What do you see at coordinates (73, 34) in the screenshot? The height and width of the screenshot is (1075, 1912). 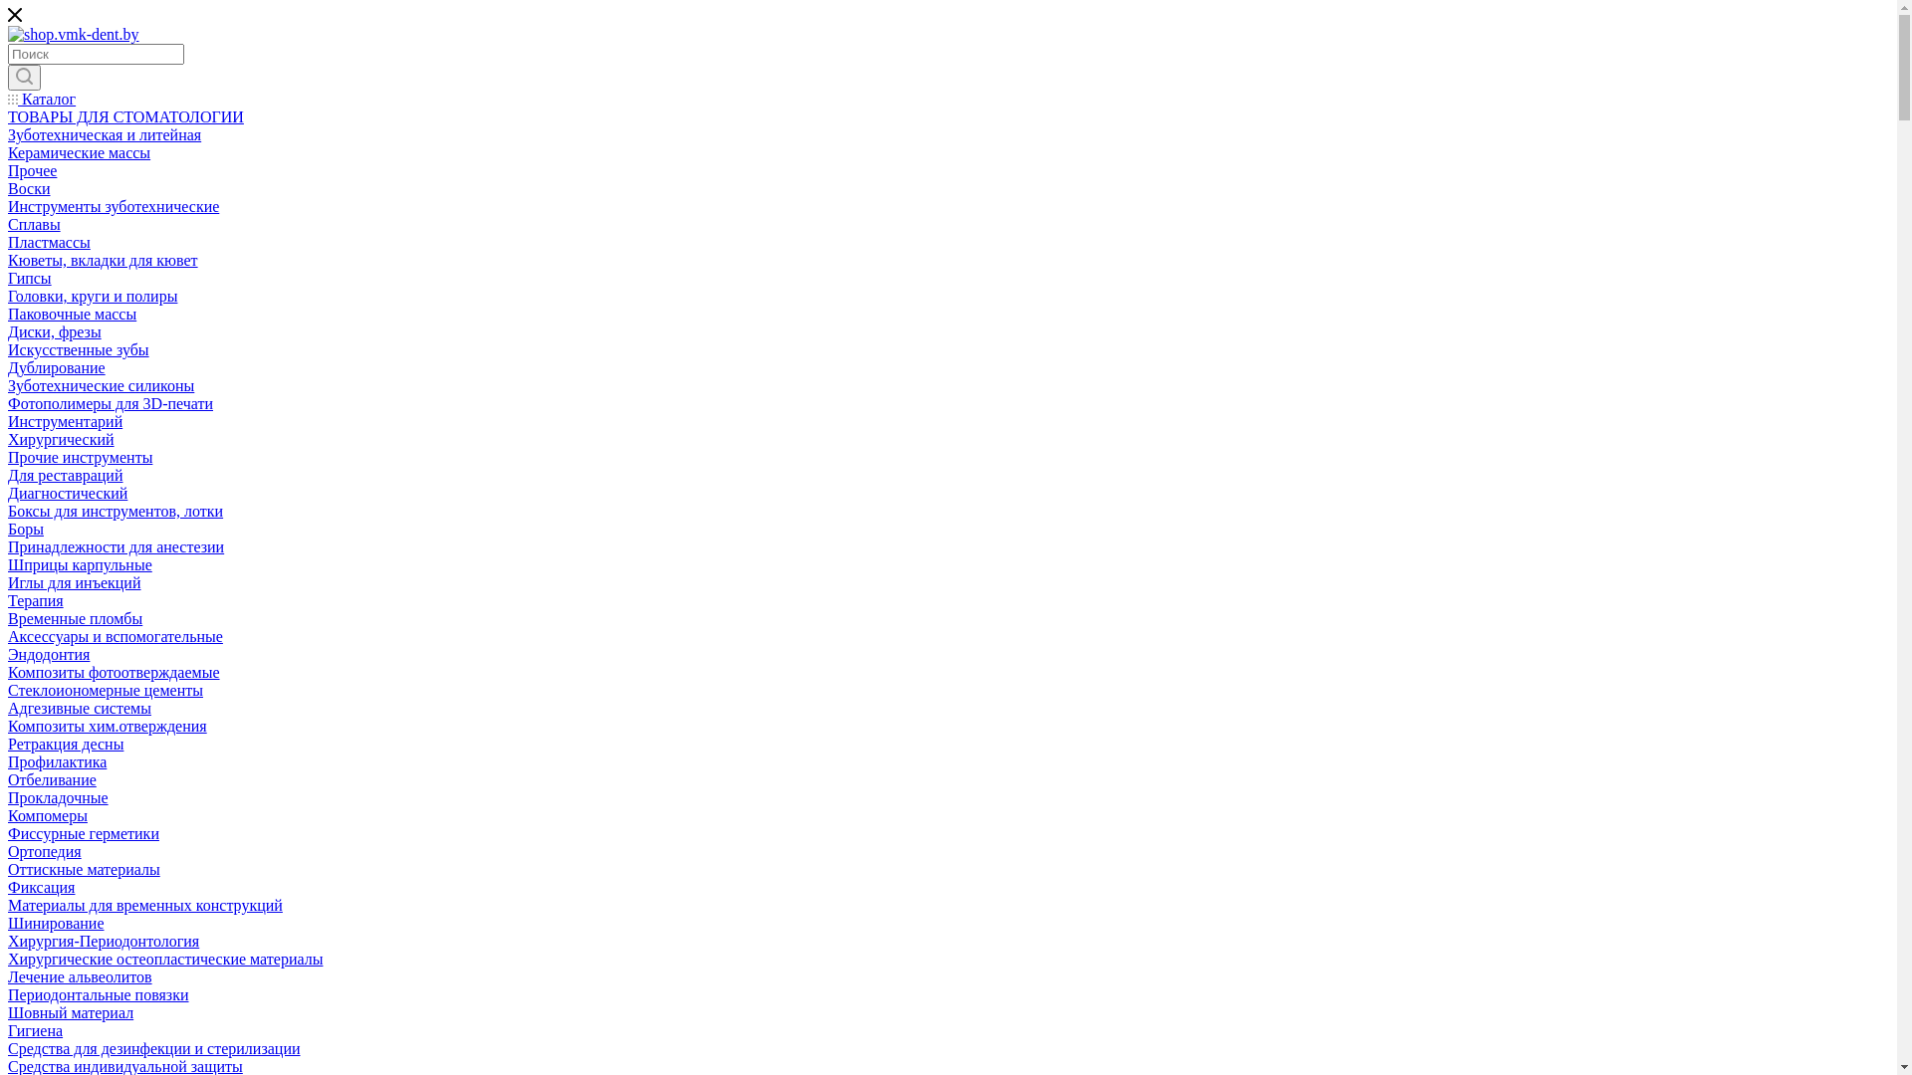 I see `'shop.vmk-dent.by'` at bounding box center [73, 34].